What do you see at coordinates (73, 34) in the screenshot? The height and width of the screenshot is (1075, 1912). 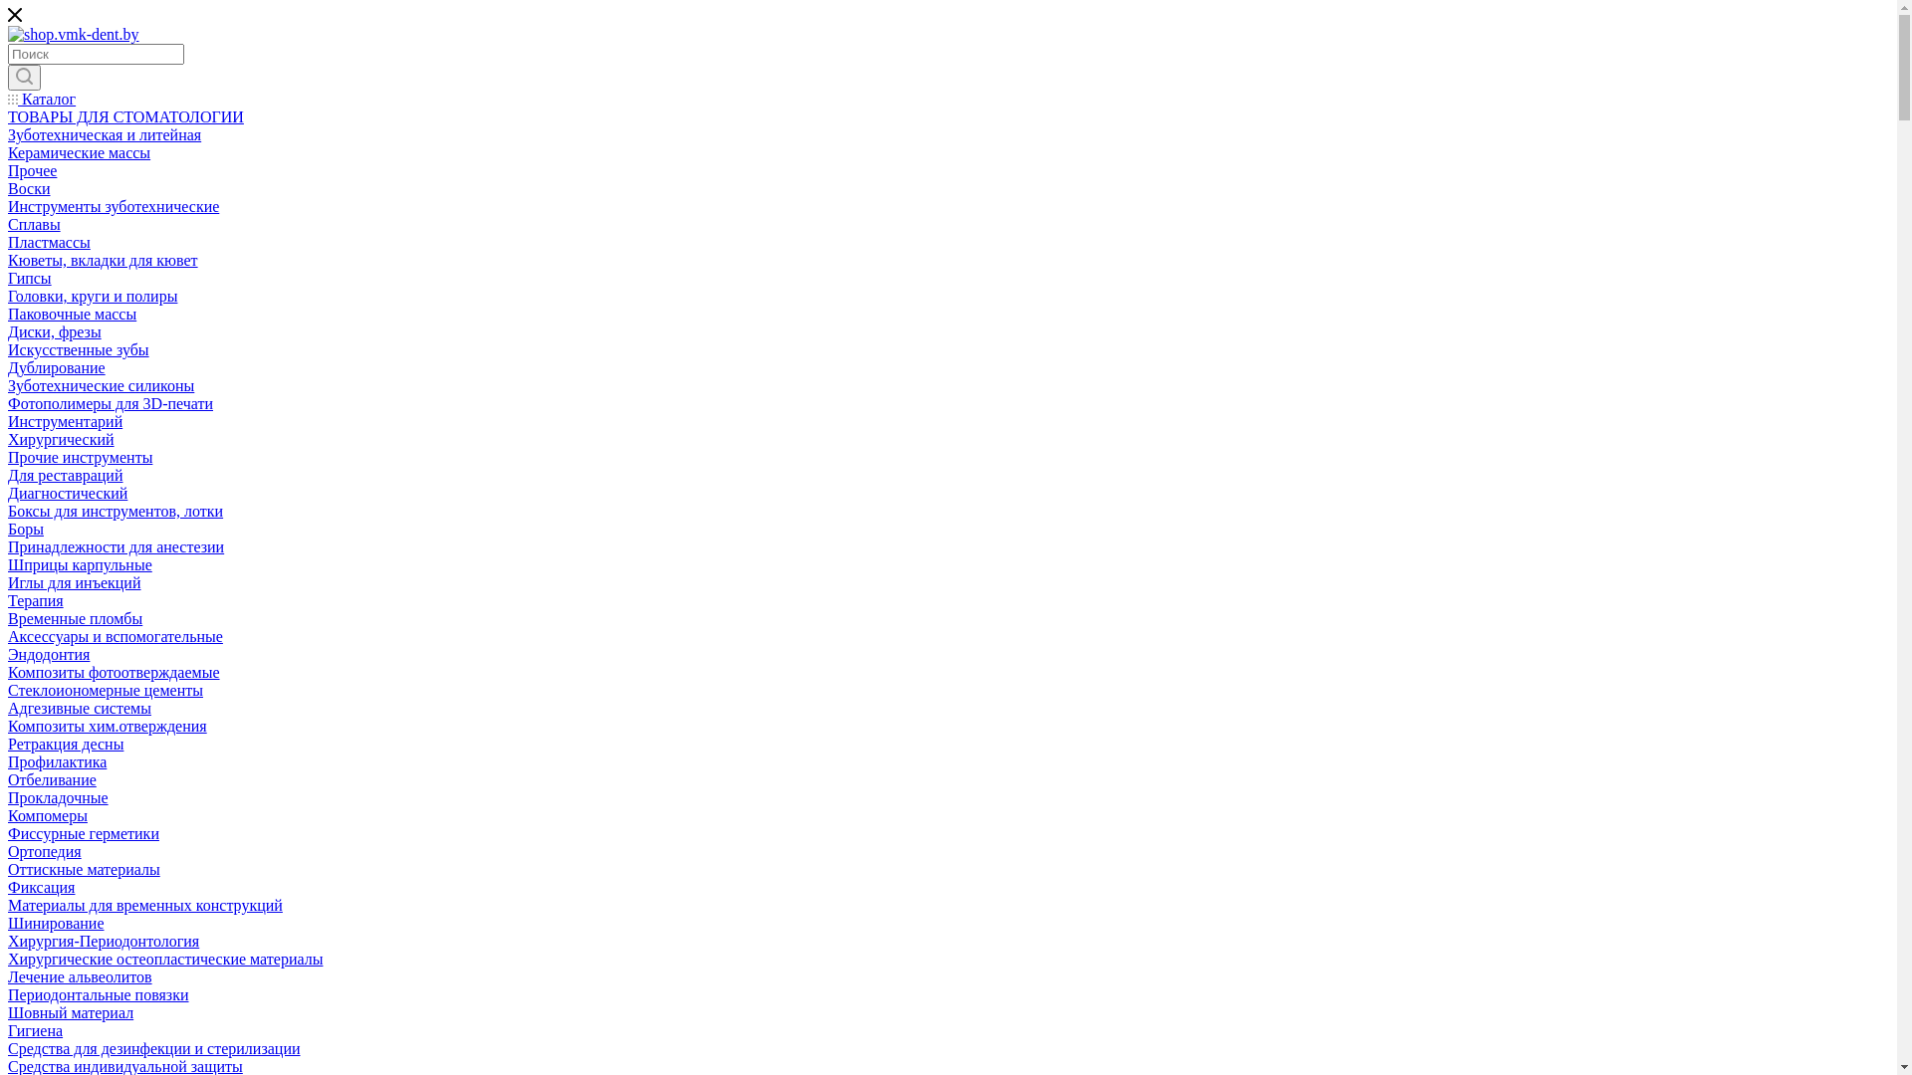 I see `'shop.vmk-dent.by'` at bounding box center [73, 34].